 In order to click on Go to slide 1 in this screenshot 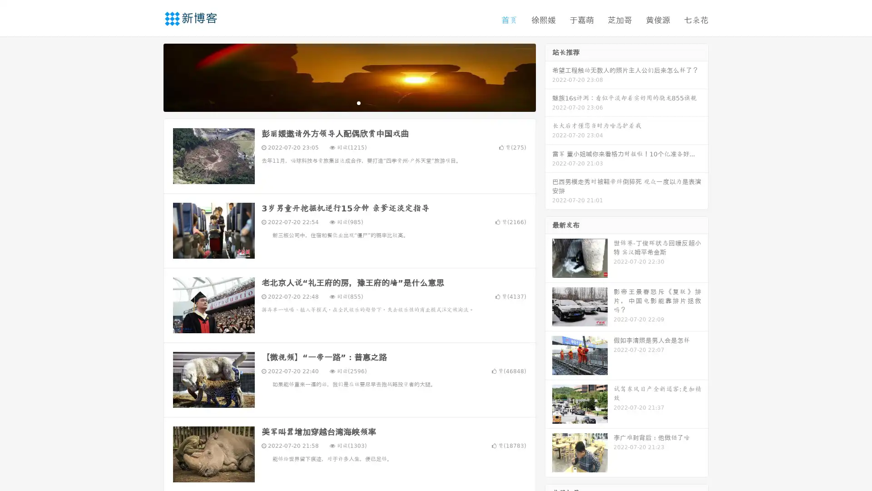, I will do `click(340, 102)`.